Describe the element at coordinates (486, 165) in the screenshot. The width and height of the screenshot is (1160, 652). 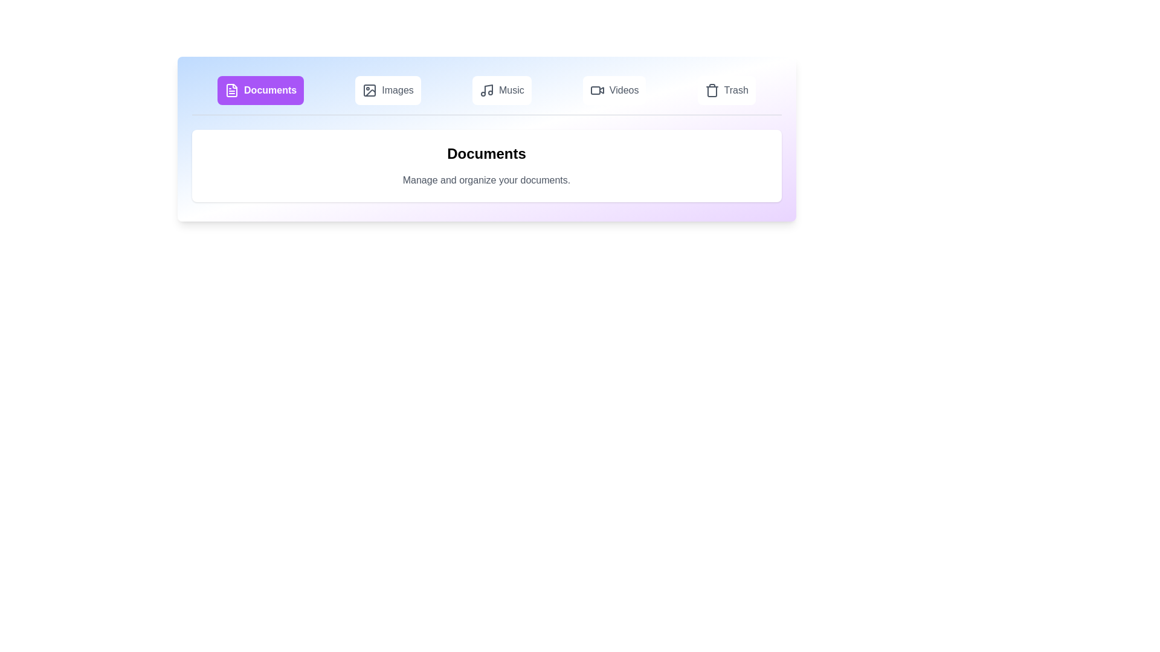
I see `the content area of the active tab to inspect its details` at that location.